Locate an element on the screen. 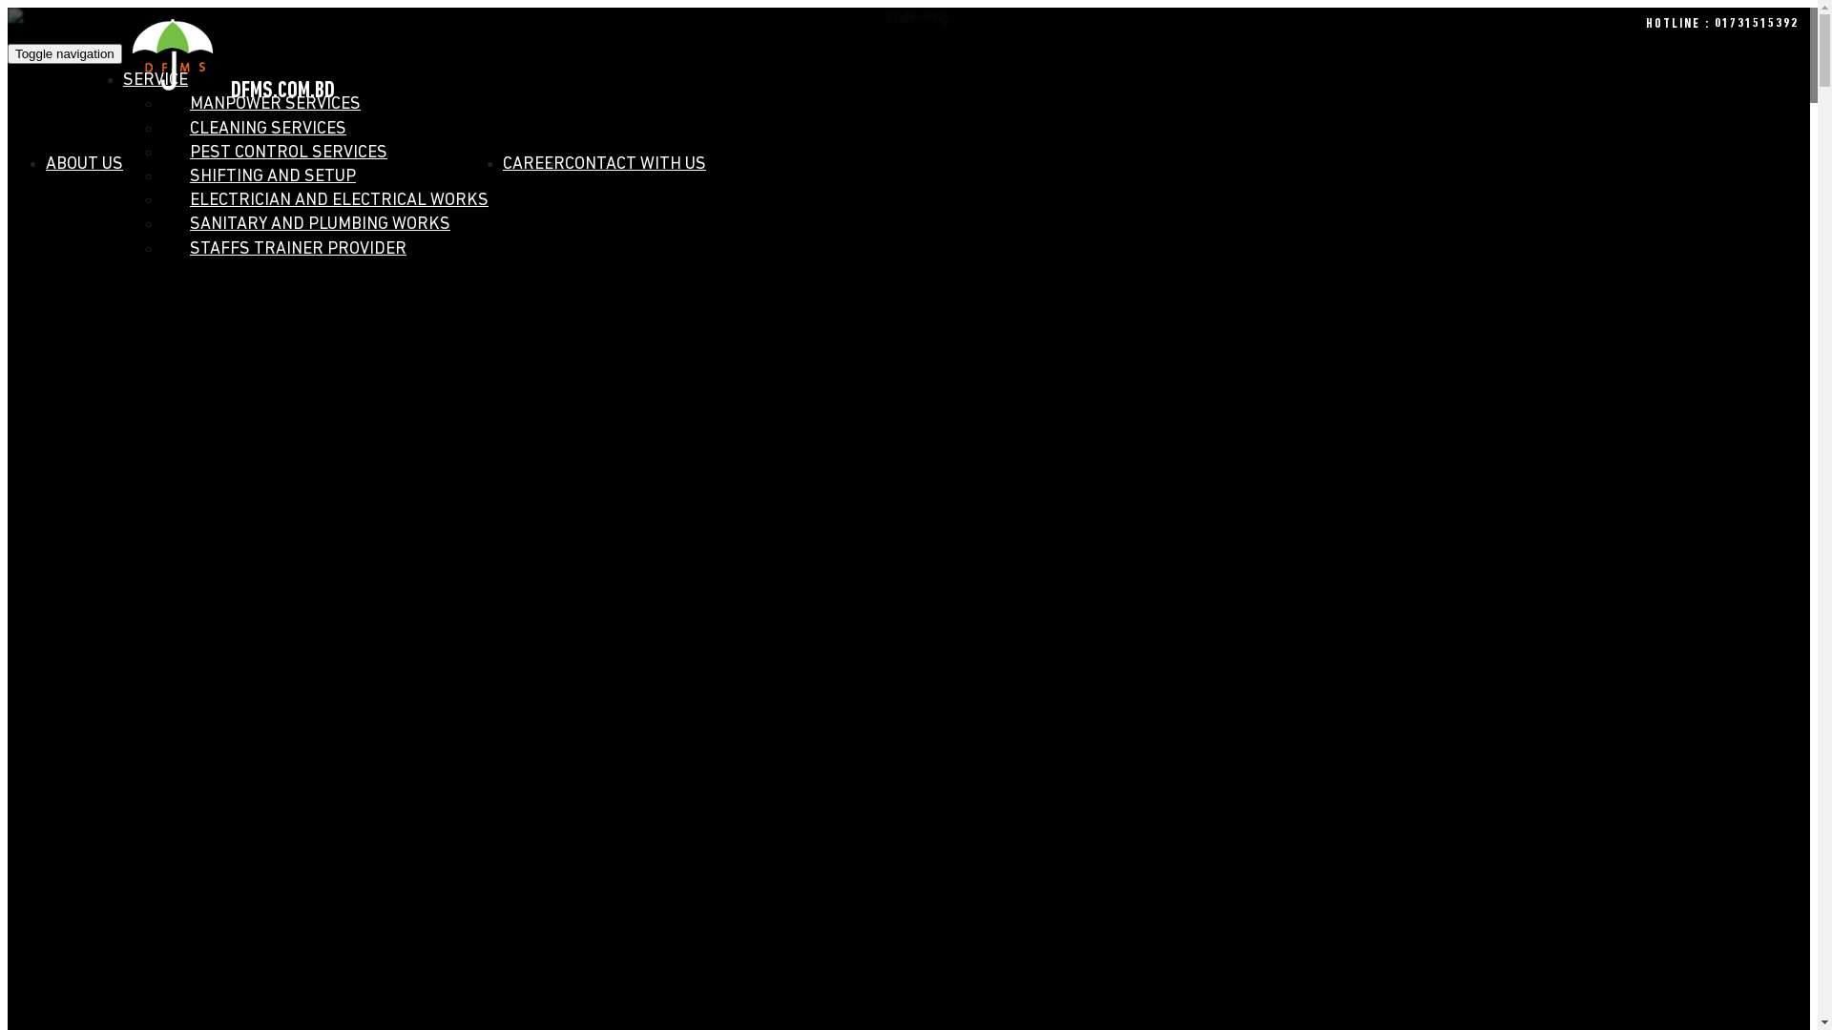 The height and width of the screenshot is (1030, 1832). 'SANITARY AND PLUMBING WORKS' is located at coordinates (312, 223).